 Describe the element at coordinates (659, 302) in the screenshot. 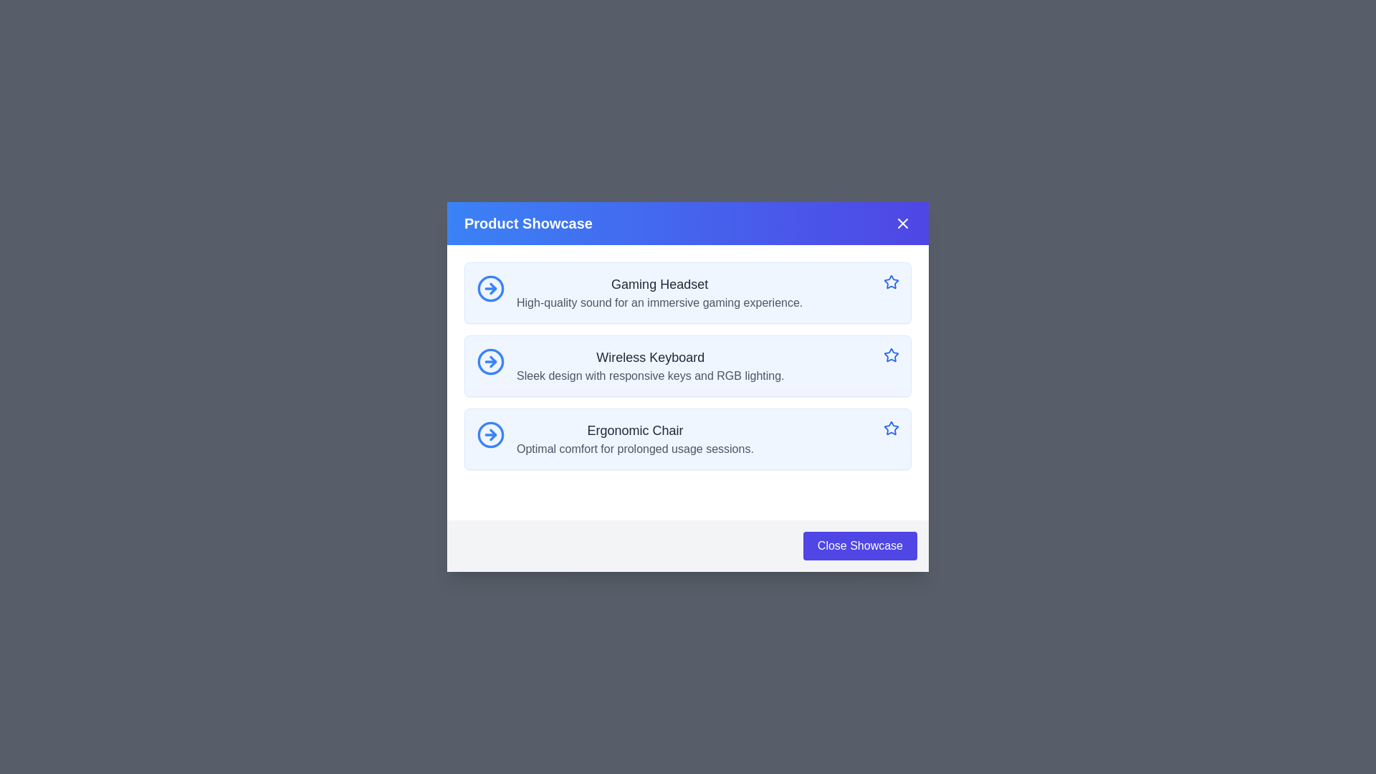

I see `the static text displaying 'High-quality sound for an immersive gaming experience.' which is located below the title 'Gaming Headset' in the Product Showcase modal` at that location.